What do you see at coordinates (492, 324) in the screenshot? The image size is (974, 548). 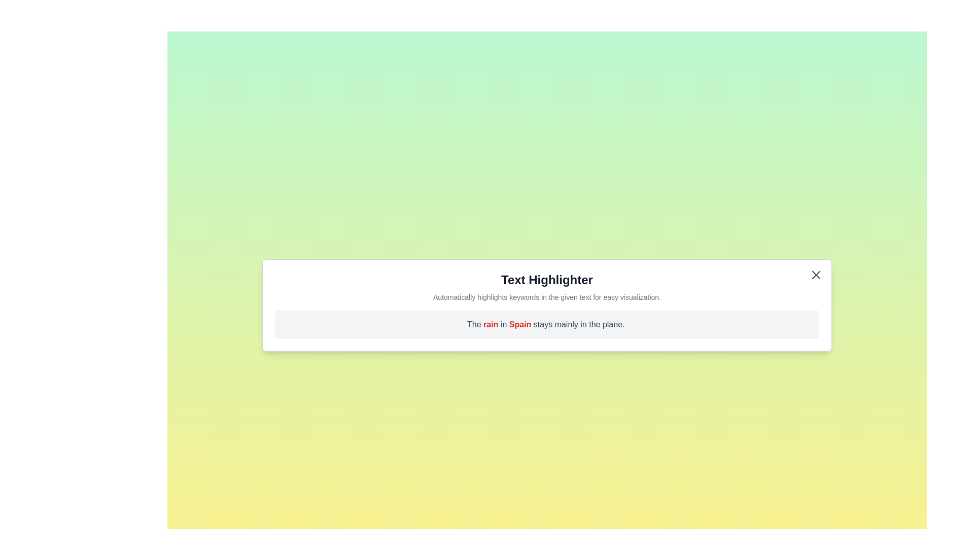 I see `the word rain in the text` at bounding box center [492, 324].